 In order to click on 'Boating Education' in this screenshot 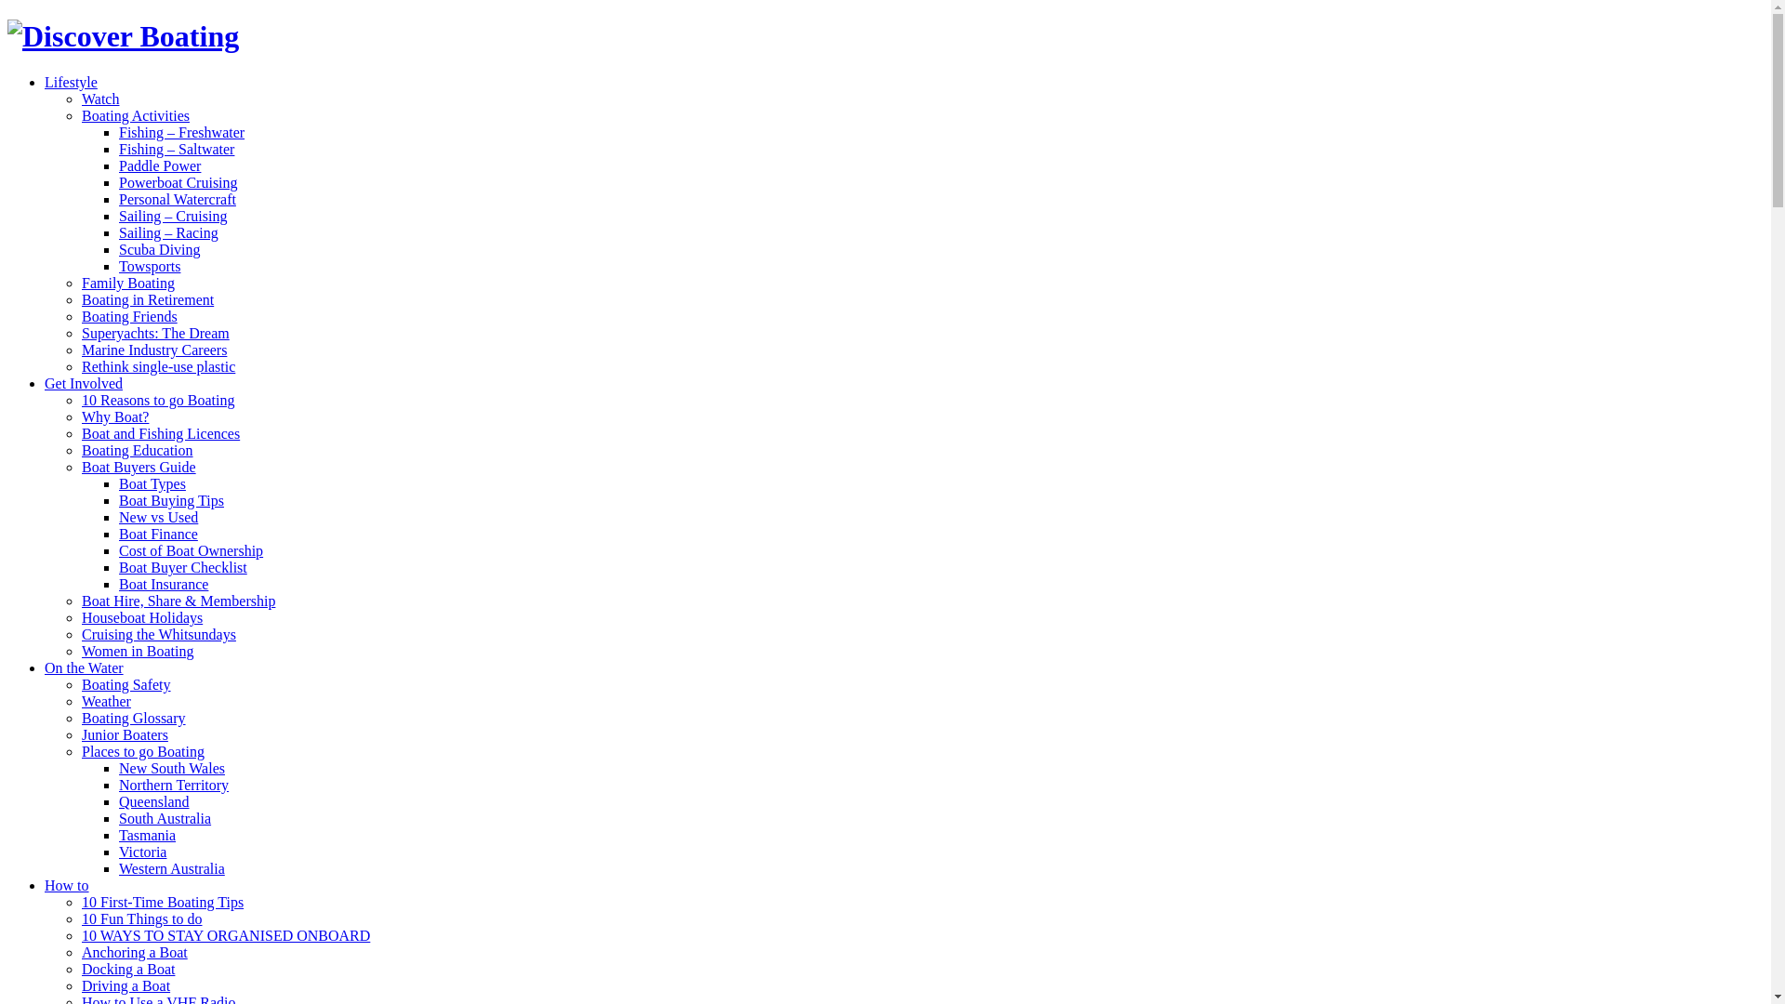, I will do `click(137, 450)`.